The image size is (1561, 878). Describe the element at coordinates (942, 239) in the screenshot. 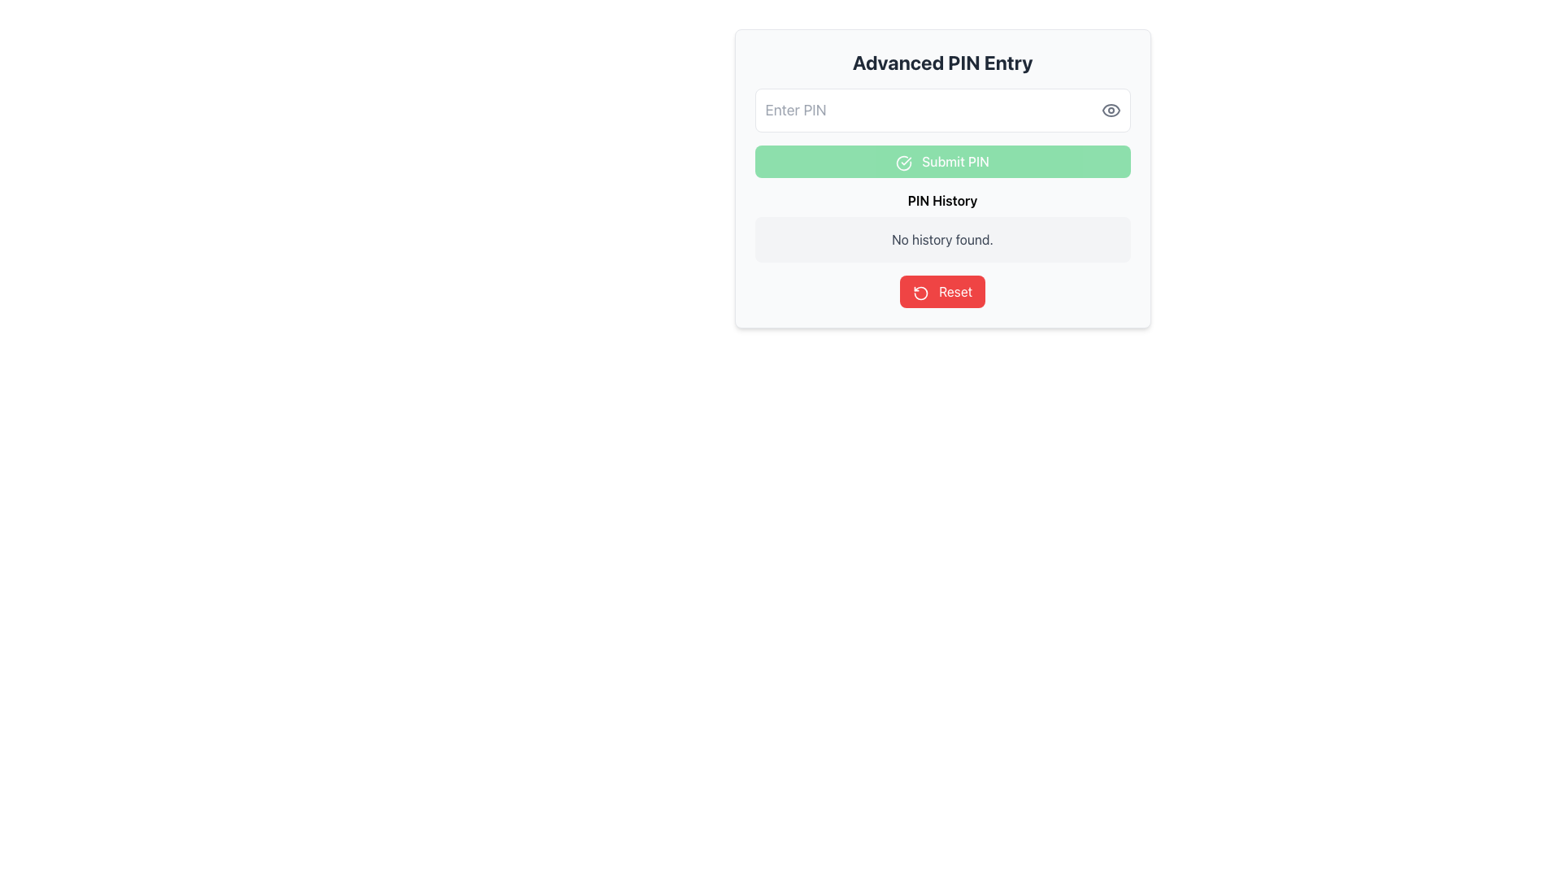

I see `the static text label that indicates there is no available history data for the current context, located in the 'PIN History' section, below the 'Submit PIN' button` at that location.